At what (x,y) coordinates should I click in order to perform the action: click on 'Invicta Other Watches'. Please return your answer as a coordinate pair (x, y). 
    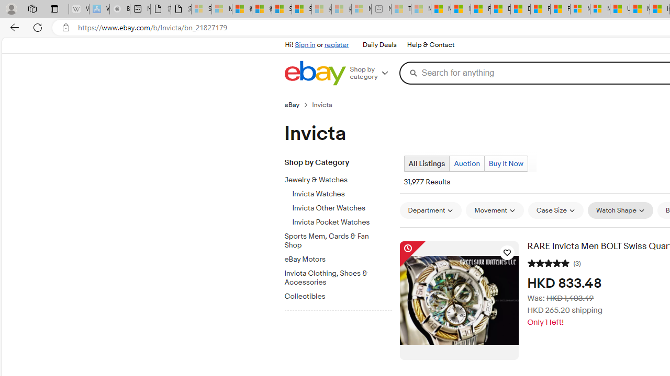
    Looking at the image, I should click on (342, 208).